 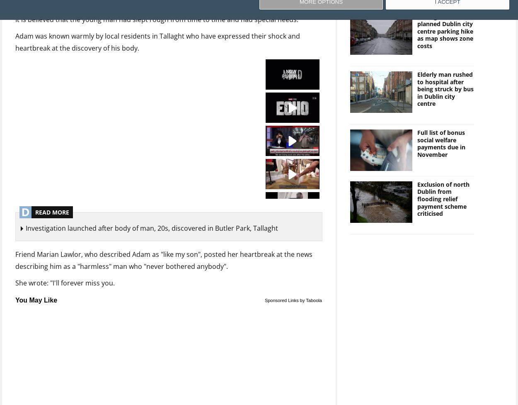 What do you see at coordinates (157, 19) in the screenshot?
I see `'It is believed that the young man had slept rough from time to time and had special needs.'` at bounding box center [157, 19].